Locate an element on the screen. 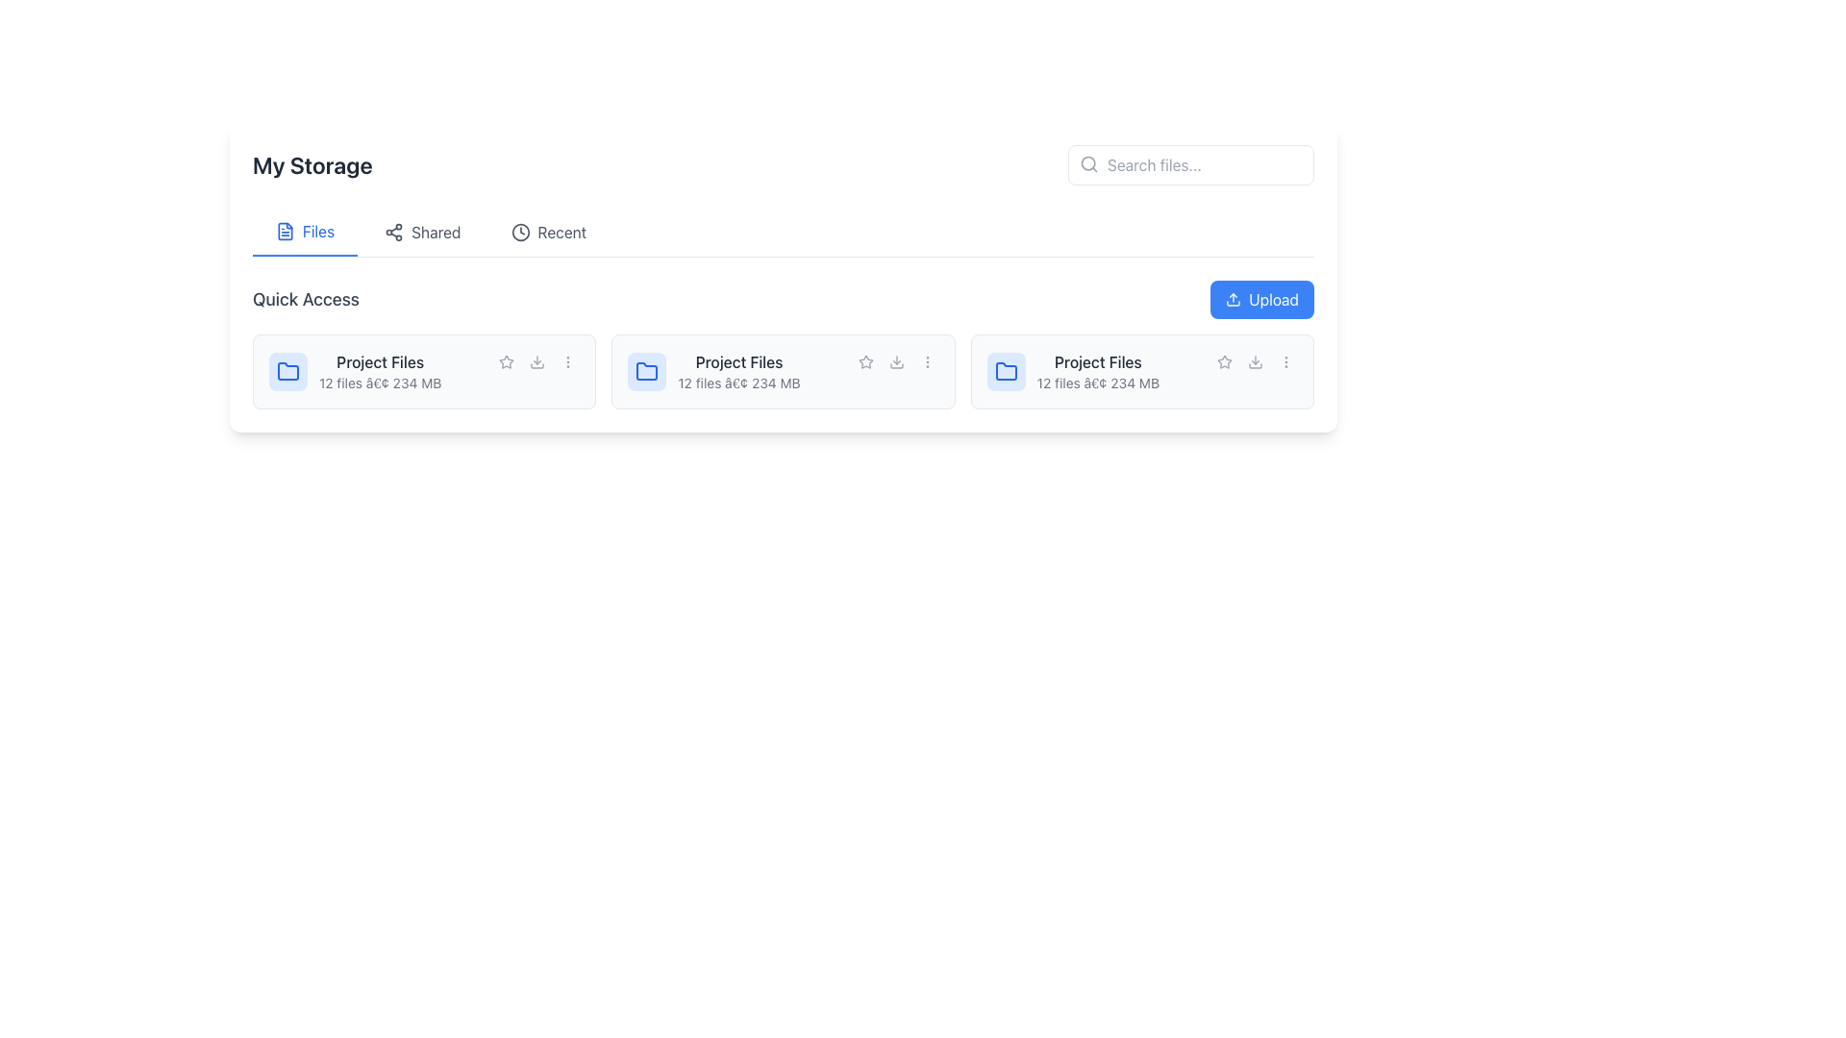 Image resolution: width=1846 pixels, height=1038 pixels. the folder icon located in the fourth file card of the 'Quick Access' section is located at coordinates (1005, 371).